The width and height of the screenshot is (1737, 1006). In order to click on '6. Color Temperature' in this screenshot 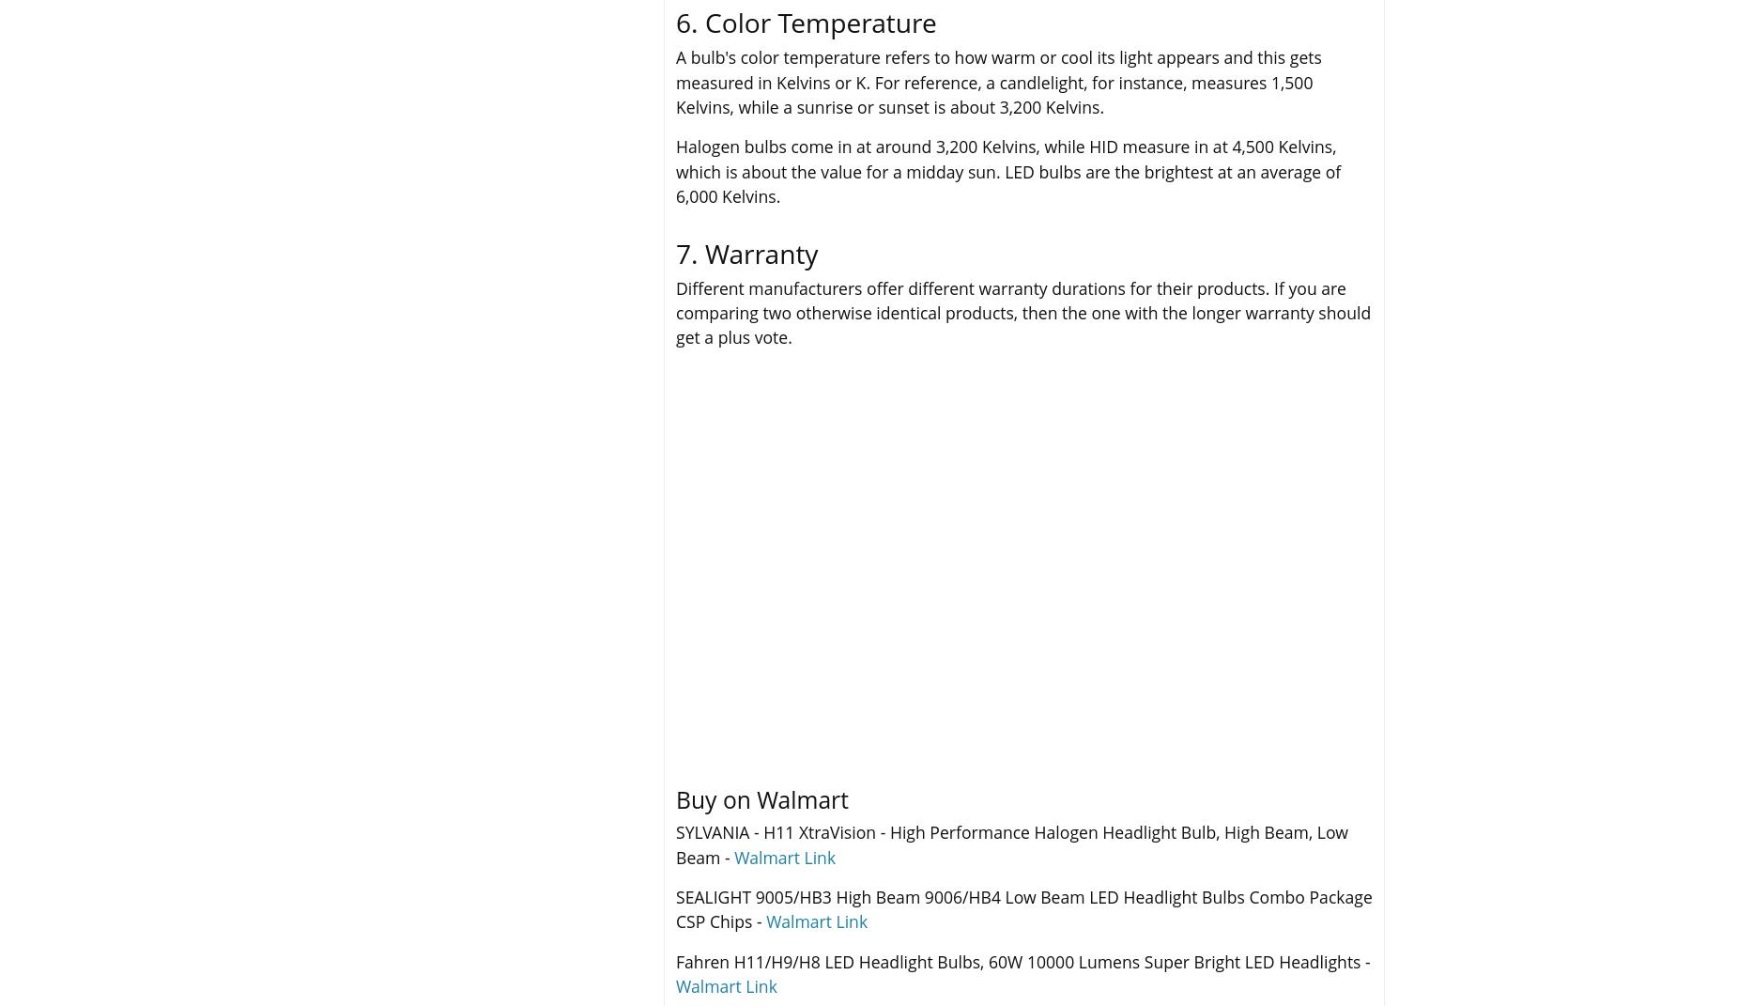, I will do `click(806, 21)`.